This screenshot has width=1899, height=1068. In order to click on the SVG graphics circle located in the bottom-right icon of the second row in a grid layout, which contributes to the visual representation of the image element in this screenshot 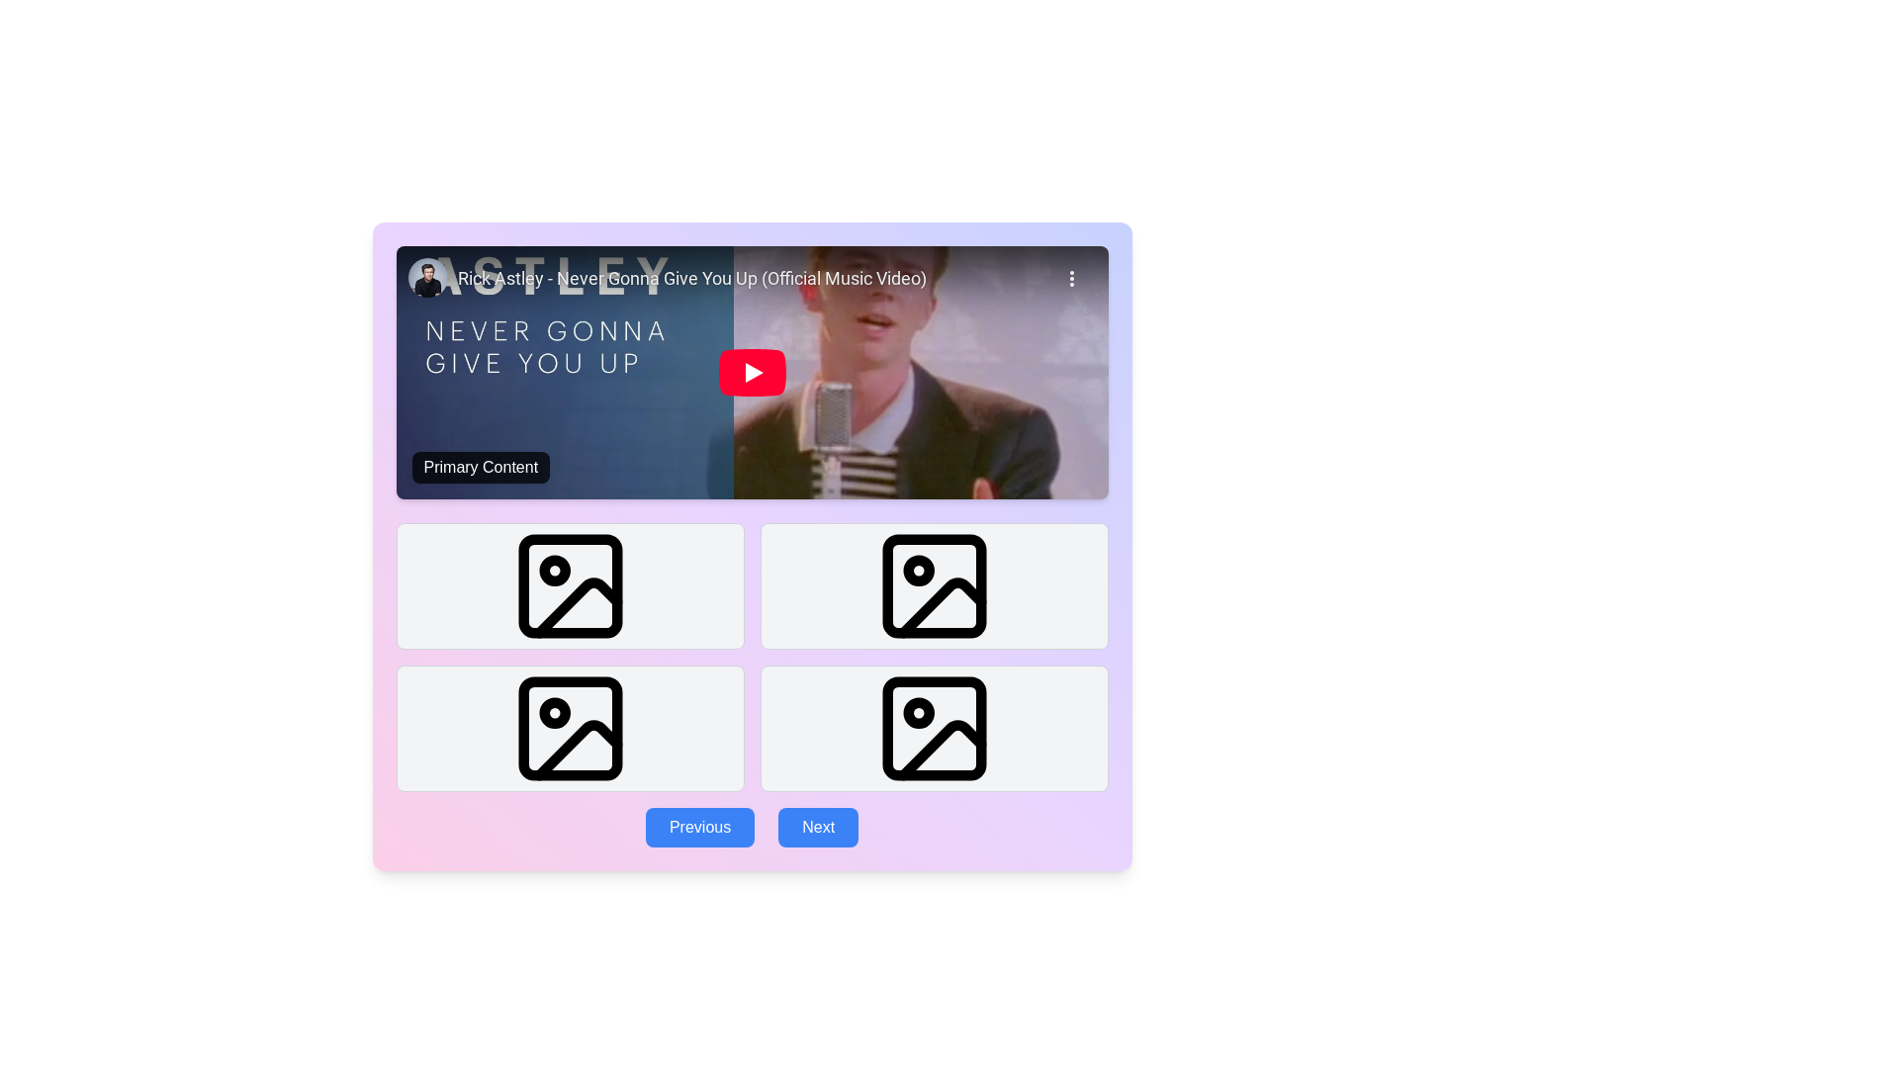, I will do `click(917, 713)`.